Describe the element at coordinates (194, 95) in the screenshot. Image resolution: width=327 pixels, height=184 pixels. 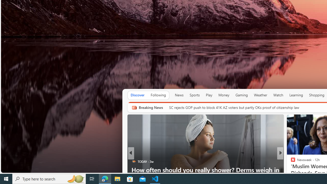
I see `'Sports'` at that location.